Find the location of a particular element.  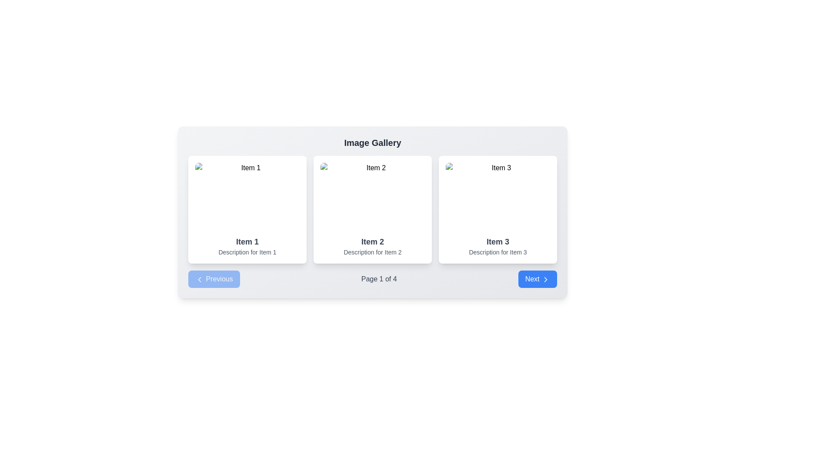

on the centrally located grid layout containing three card components in the 'Image Gallery' section is located at coordinates (373, 209).